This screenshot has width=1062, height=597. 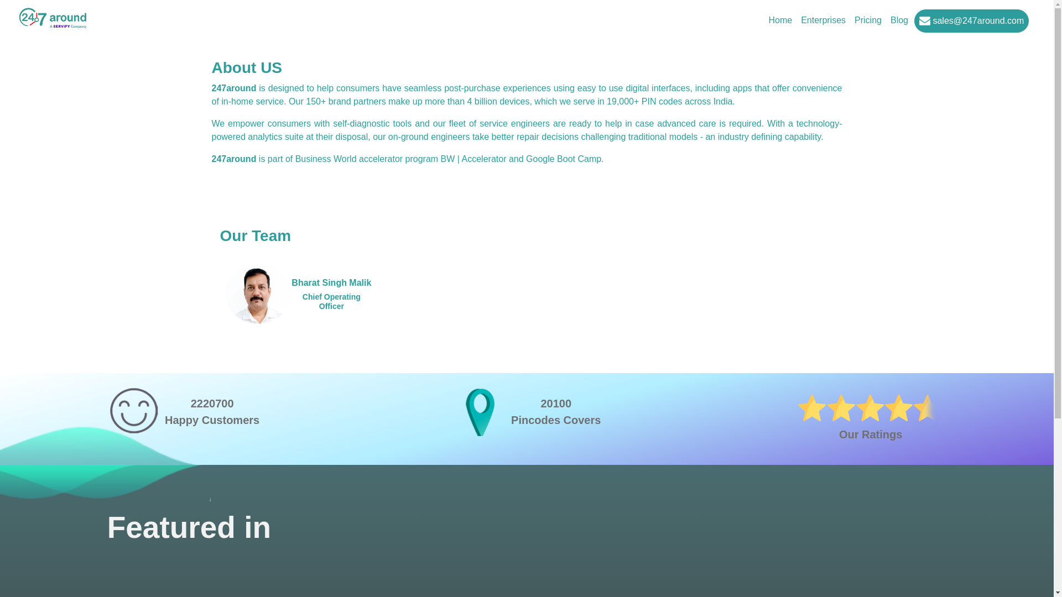 I want to click on 'Enterprises', so click(x=823, y=20).